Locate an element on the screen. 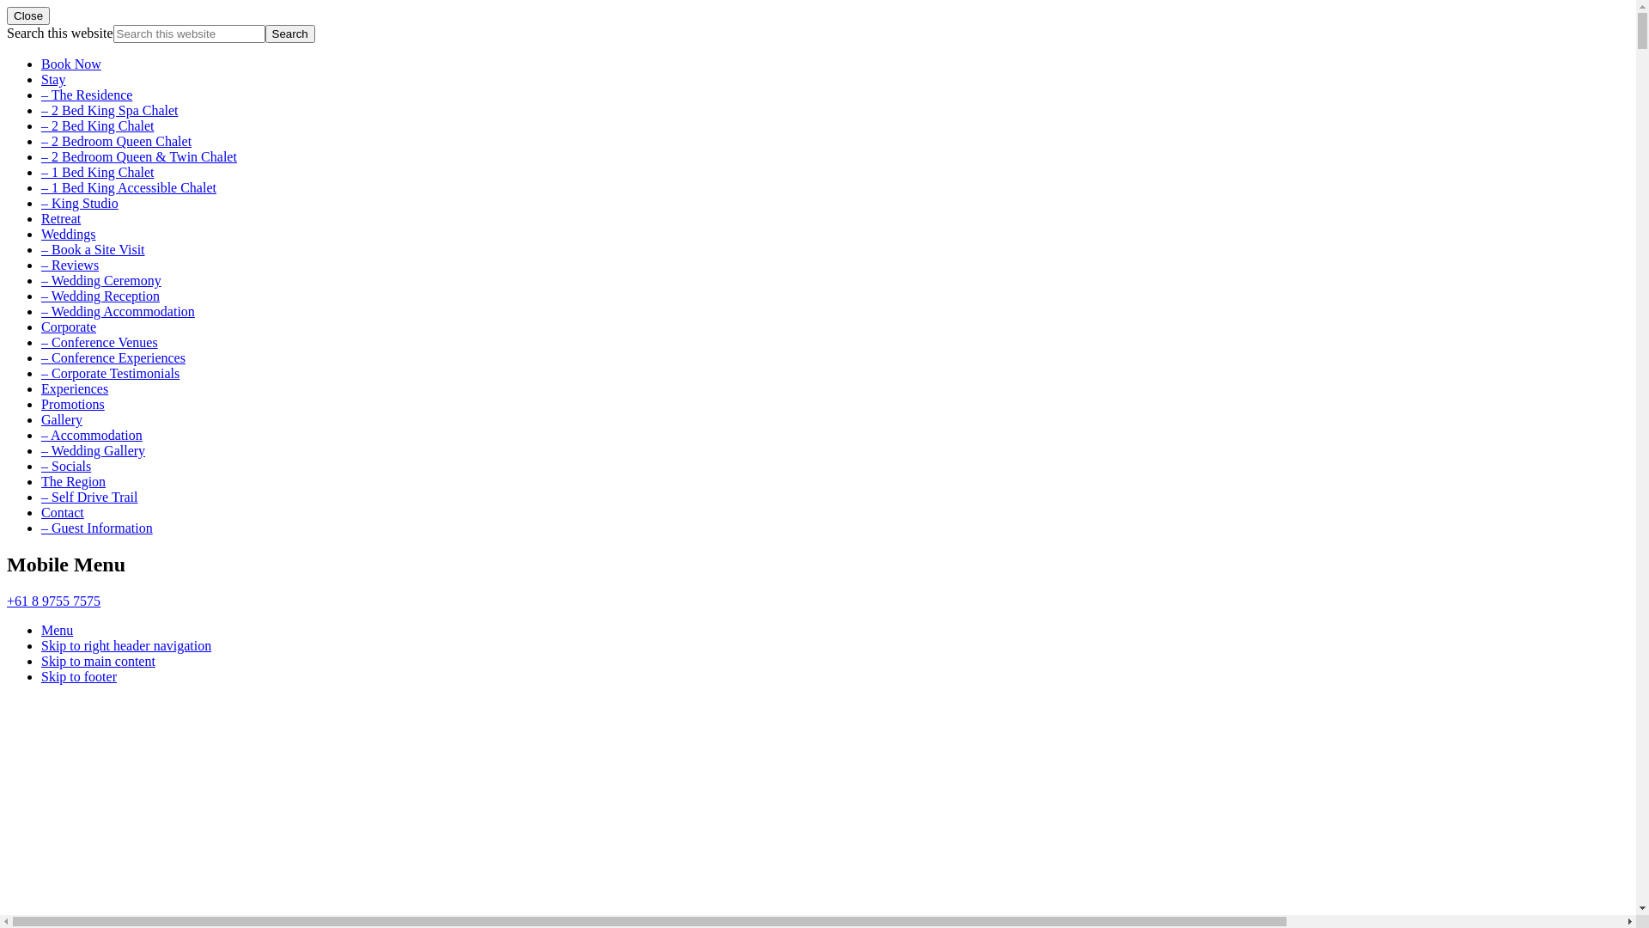  'Corporate' is located at coordinates (69, 327).